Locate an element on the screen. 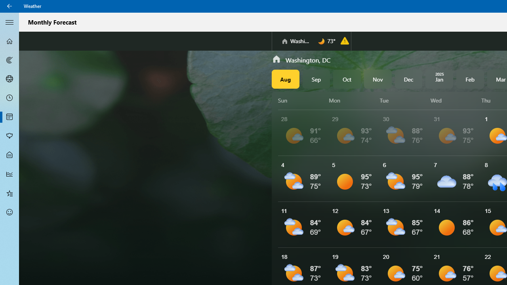  'Historical Weather - Not Selected' is located at coordinates (10, 173).